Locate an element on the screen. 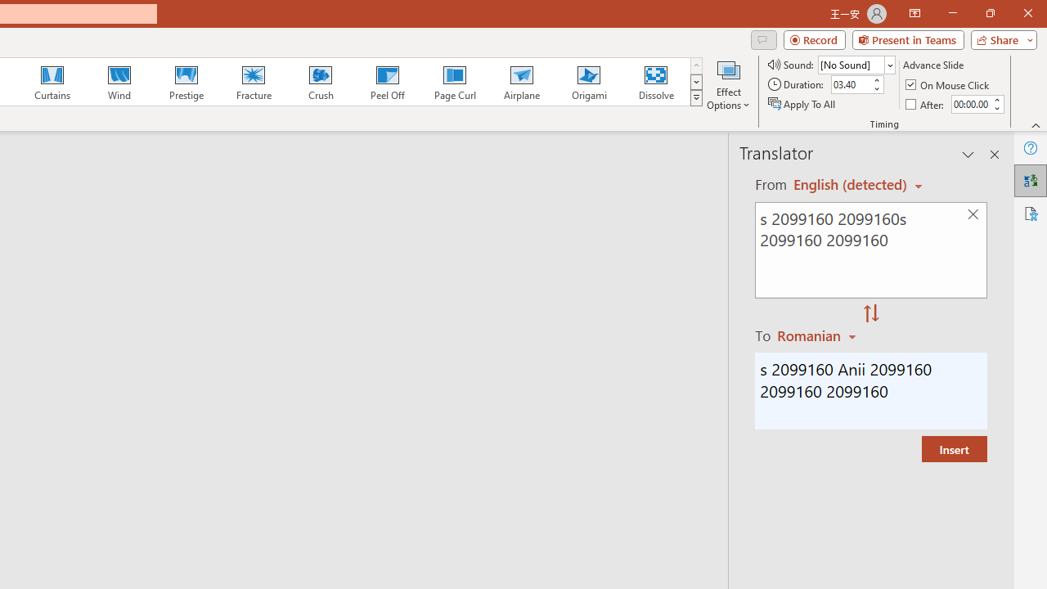 This screenshot has height=589, width=1047. 'Fracture' is located at coordinates (252, 82).